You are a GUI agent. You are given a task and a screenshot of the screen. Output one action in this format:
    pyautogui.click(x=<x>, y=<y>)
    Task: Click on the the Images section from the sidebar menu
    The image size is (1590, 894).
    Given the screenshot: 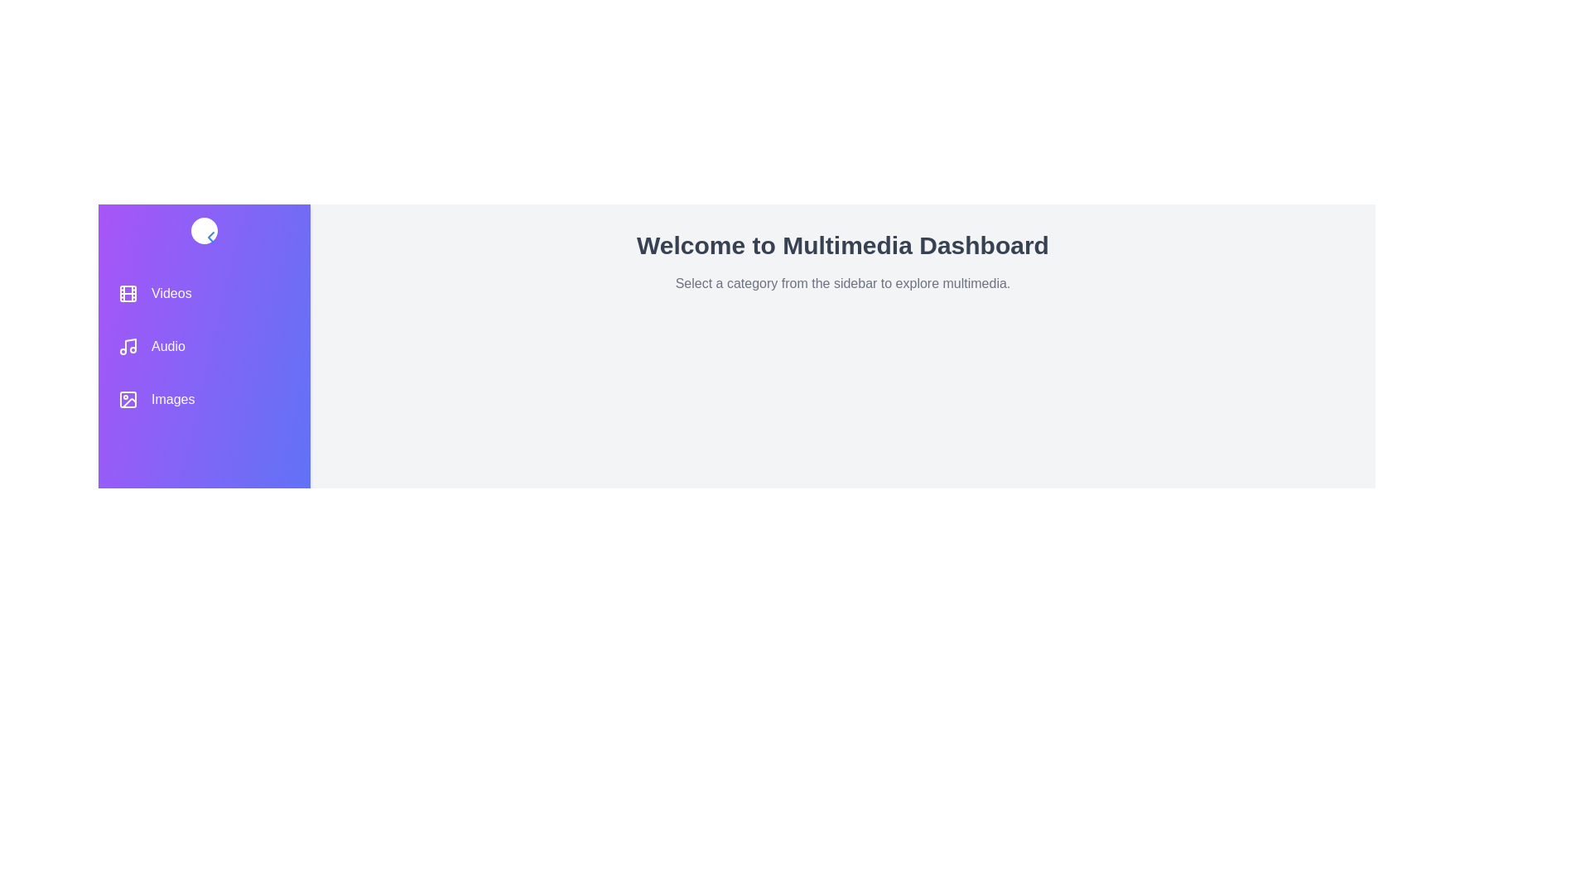 What is the action you would take?
    pyautogui.click(x=203, y=399)
    